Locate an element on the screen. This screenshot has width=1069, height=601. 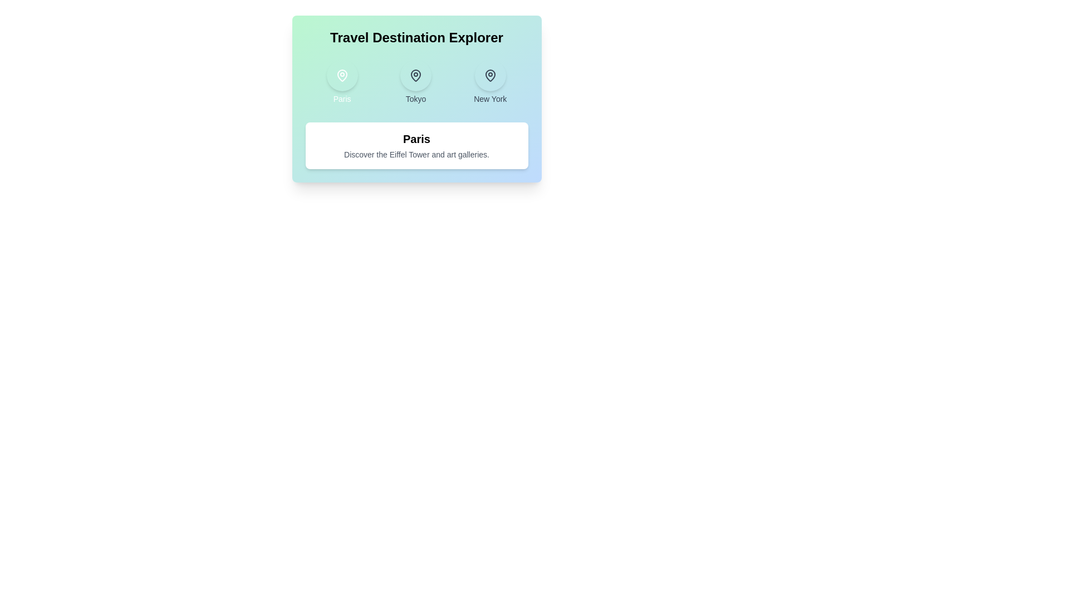
the button representing the travel destination 'New York', which is the third button in a horizontal list of buttons for travel destinations including 'Paris' and 'Tokyo' is located at coordinates (490, 81).